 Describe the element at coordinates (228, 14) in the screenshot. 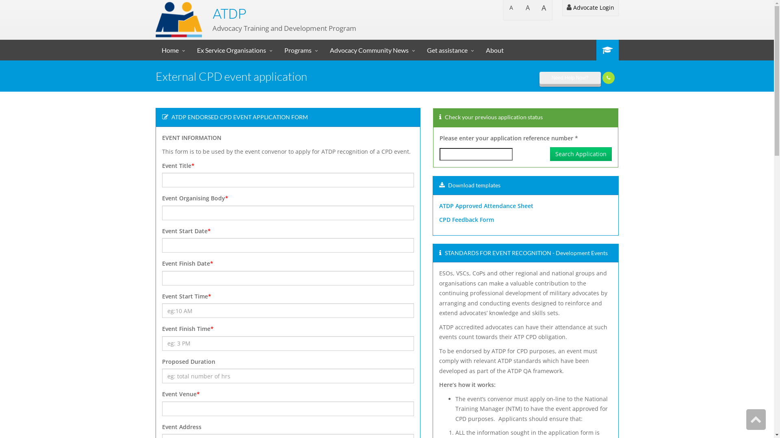

I see `'ATDP'` at that location.